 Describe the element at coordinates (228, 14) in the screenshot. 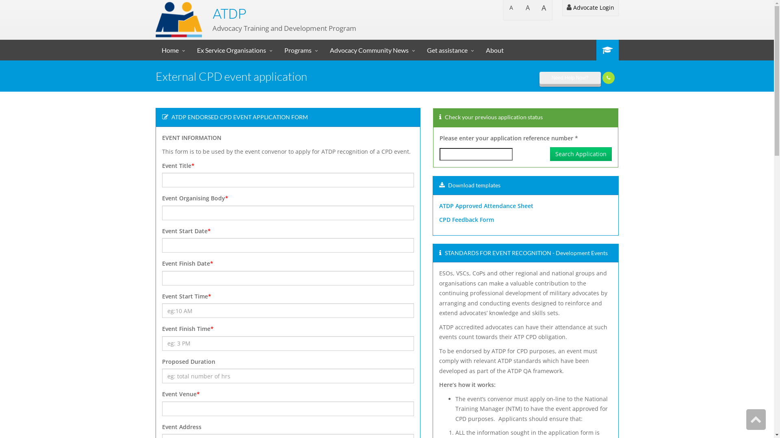

I see `'ATDP'` at that location.